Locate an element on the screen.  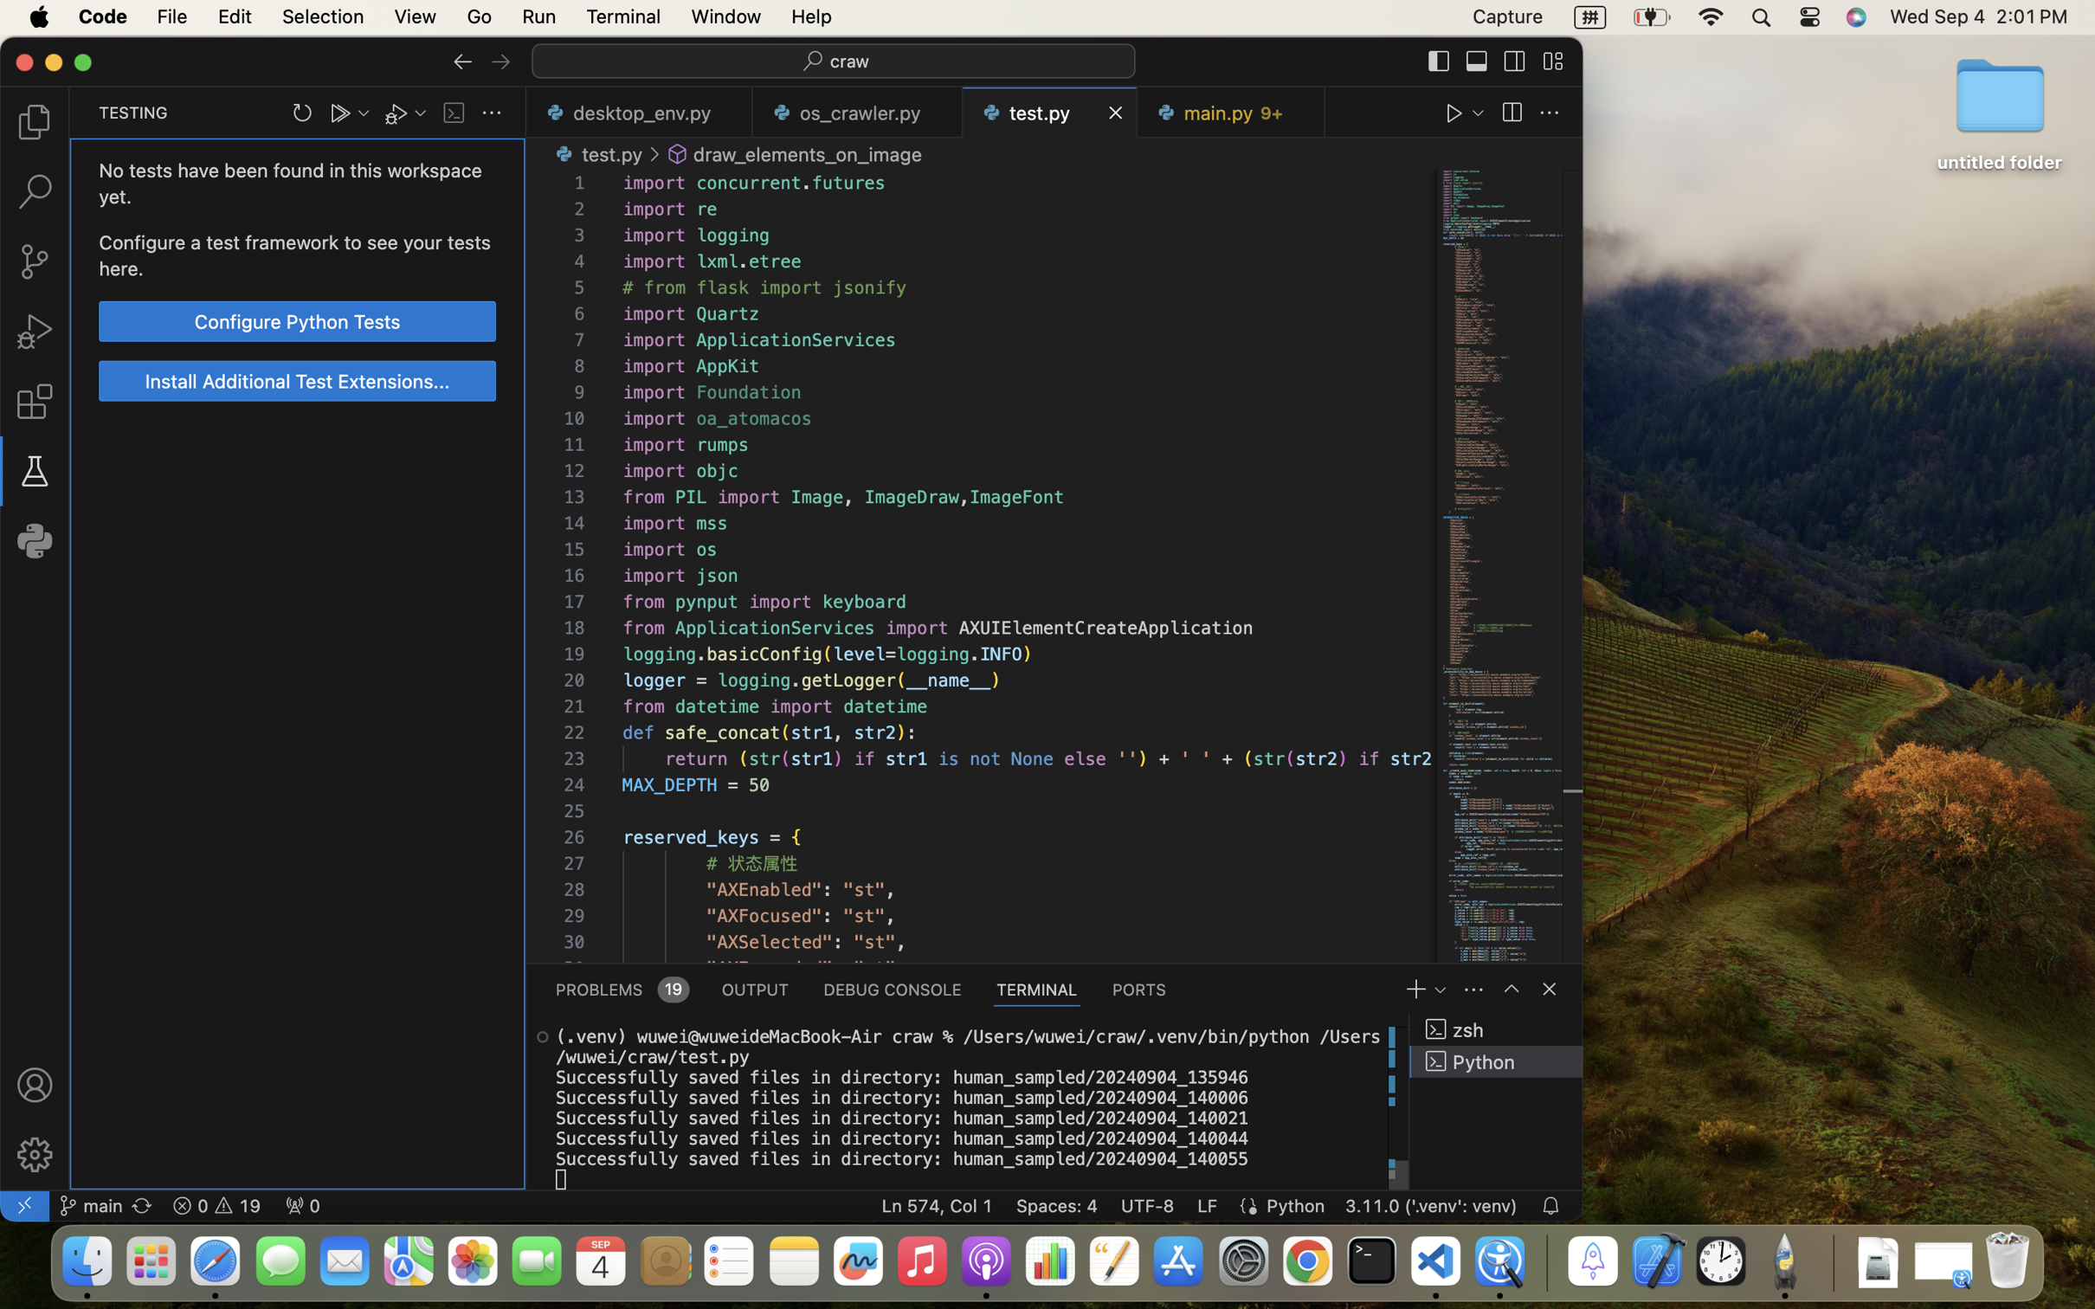
'0 ' is located at coordinates (34, 191).